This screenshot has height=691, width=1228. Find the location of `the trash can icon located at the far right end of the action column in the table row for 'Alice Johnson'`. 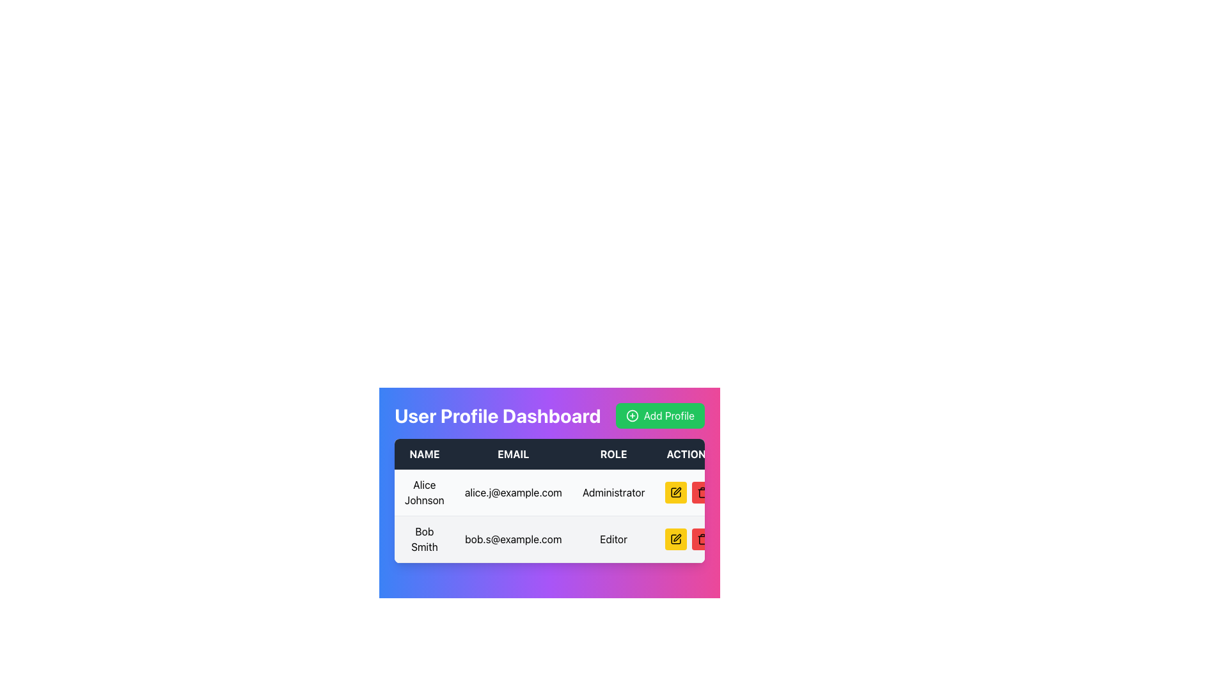

the trash can icon located at the far right end of the action column in the table row for 'Alice Johnson' is located at coordinates (702, 492).